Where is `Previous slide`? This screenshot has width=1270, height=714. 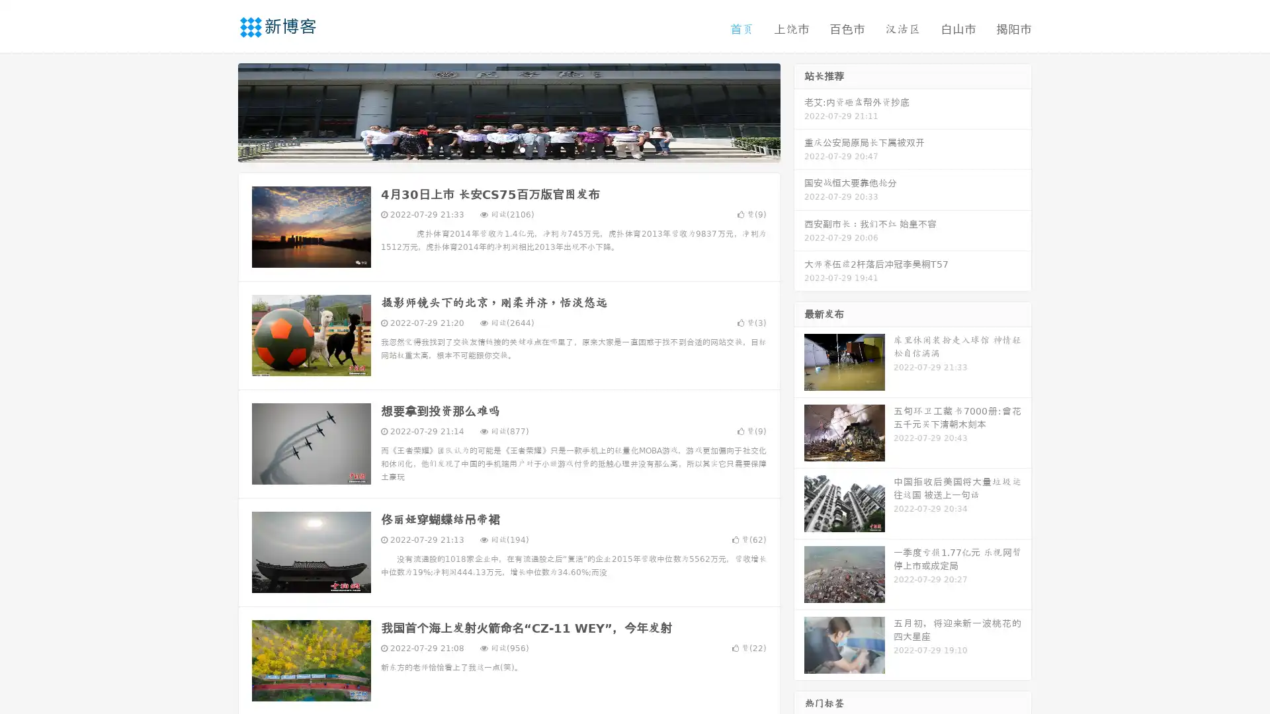
Previous slide is located at coordinates (218, 111).